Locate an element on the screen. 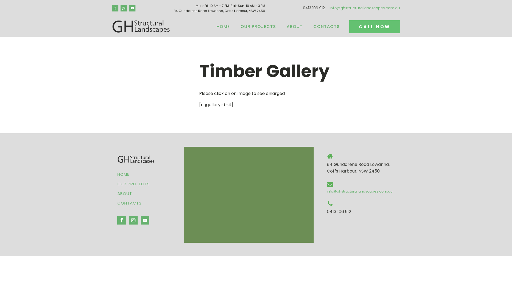 The height and width of the screenshot is (288, 512). 'CONTACTS' is located at coordinates (133, 203).